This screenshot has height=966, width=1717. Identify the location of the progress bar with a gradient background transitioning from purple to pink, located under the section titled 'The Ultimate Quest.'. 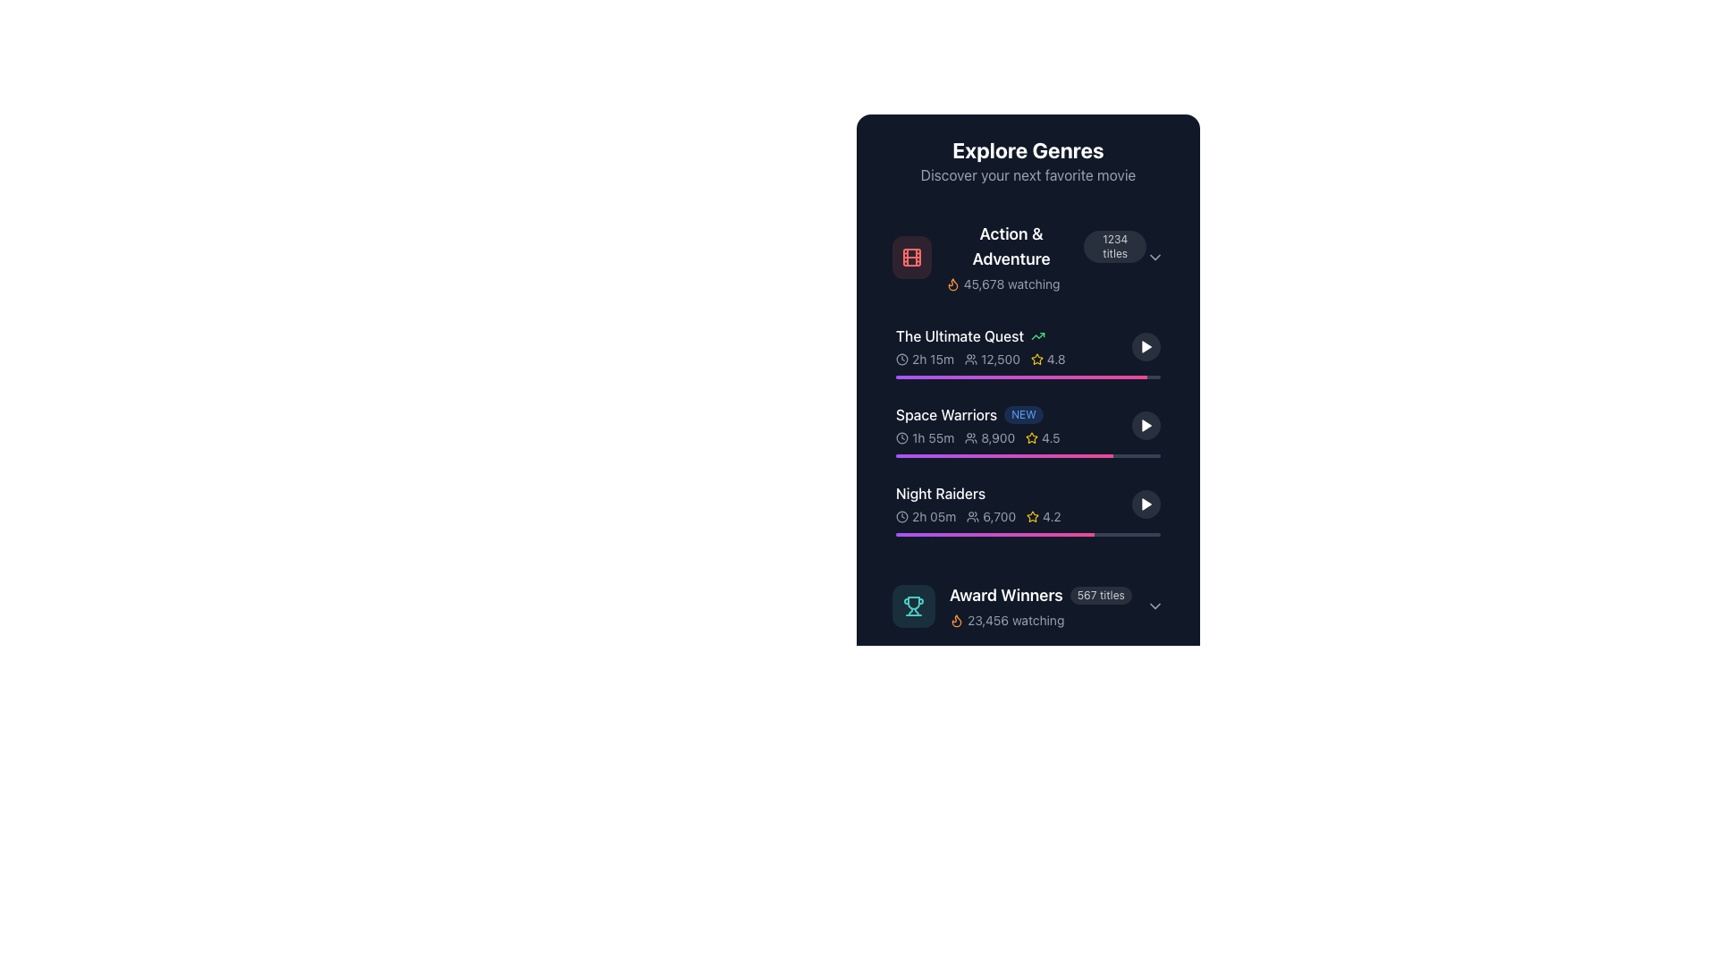
(1021, 376).